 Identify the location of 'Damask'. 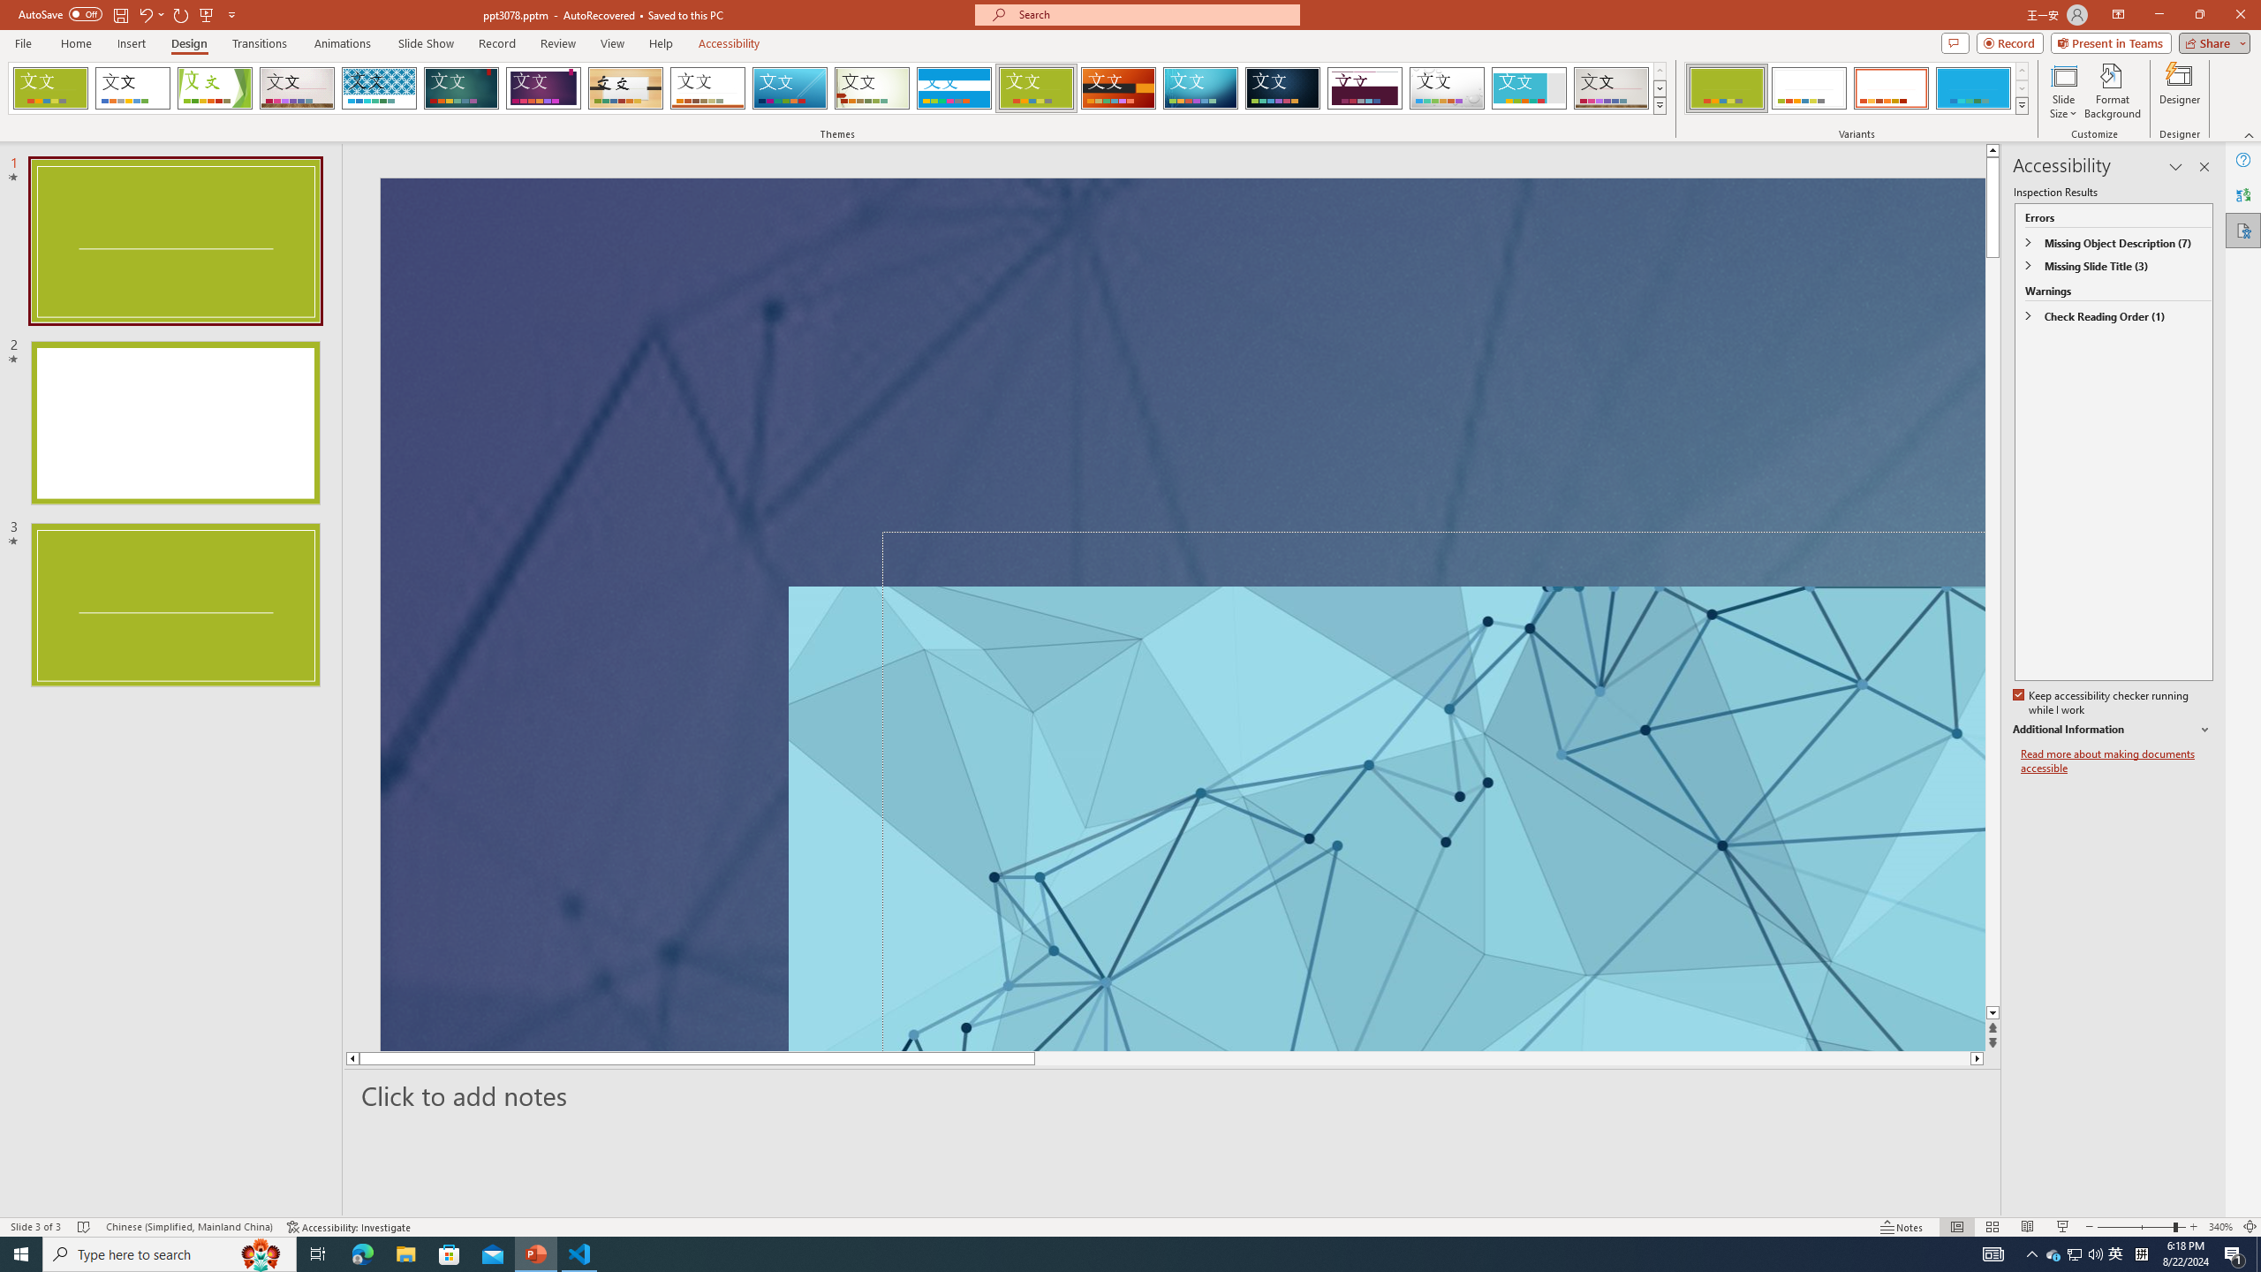
(1282, 87).